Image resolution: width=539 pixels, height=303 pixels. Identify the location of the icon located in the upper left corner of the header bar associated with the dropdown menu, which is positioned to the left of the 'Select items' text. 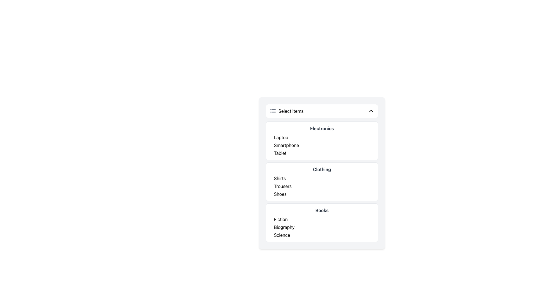
(273, 111).